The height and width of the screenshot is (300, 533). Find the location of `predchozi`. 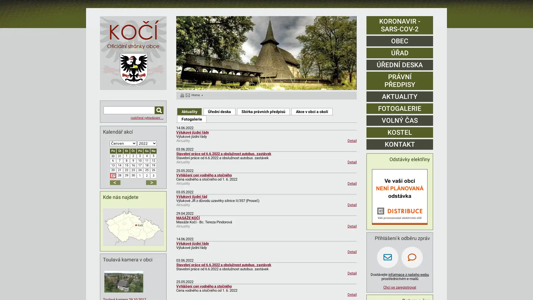

predchozi is located at coordinates (115, 182).